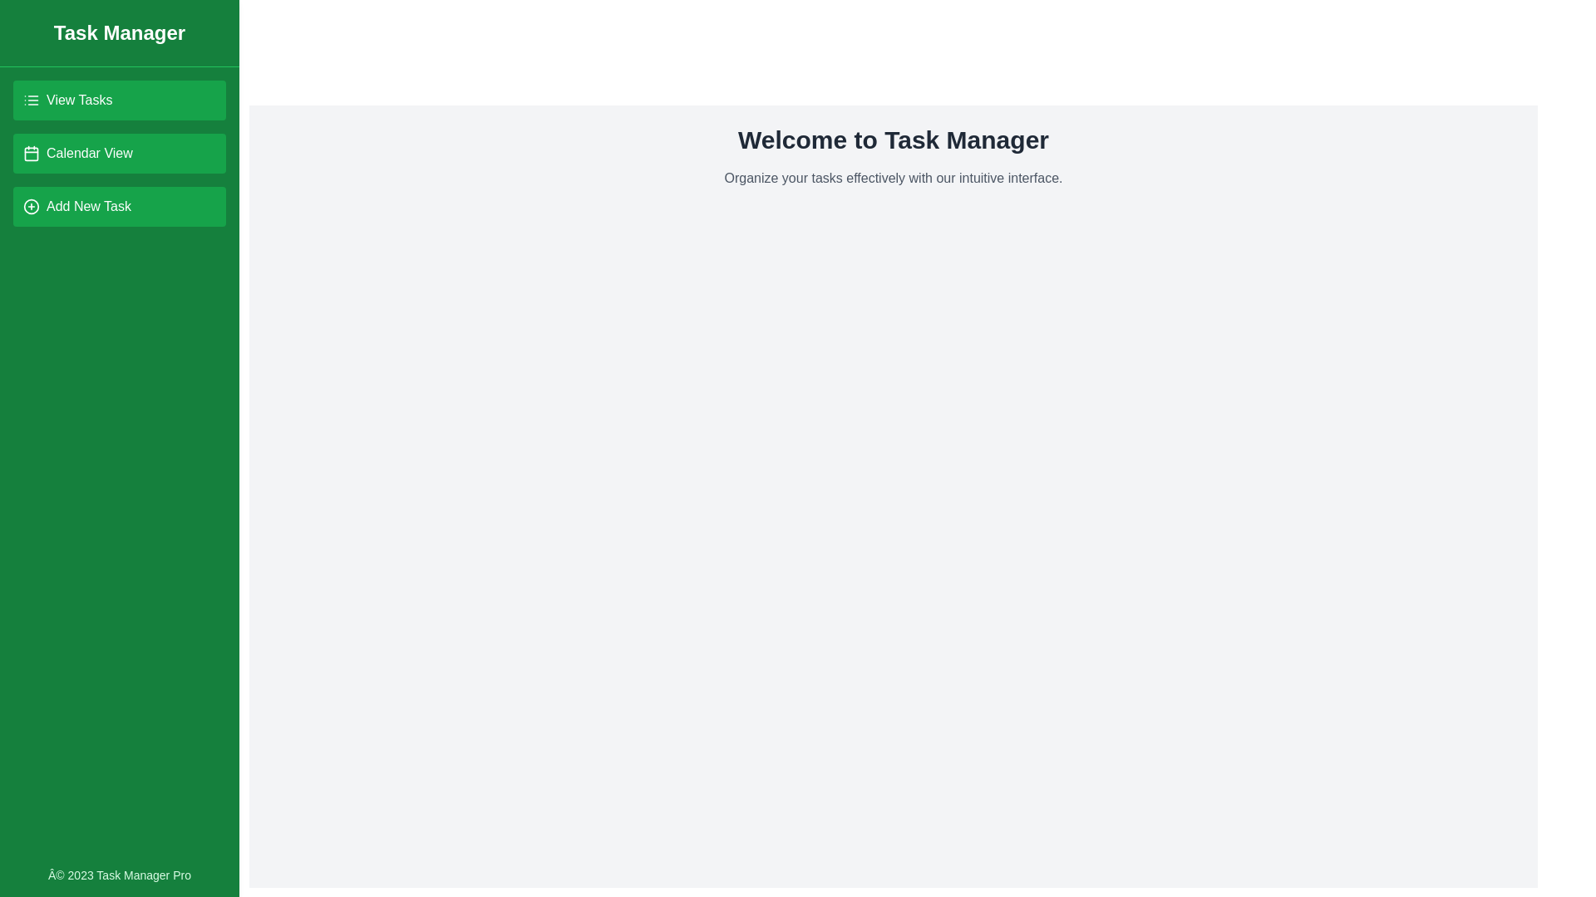 The image size is (1596, 897). Describe the element at coordinates (119, 206) in the screenshot. I see `the 'Add New Task' button` at that location.